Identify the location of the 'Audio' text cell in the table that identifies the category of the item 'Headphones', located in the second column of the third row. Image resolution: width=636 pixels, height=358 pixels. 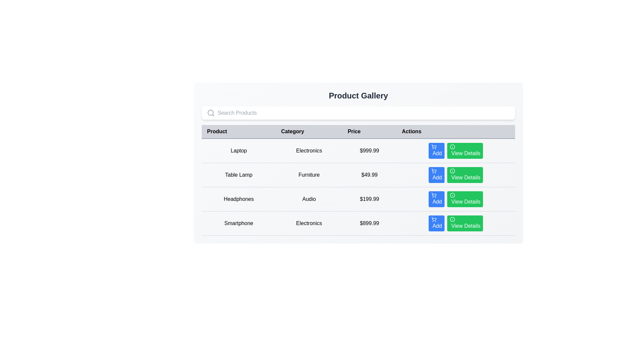
(309, 199).